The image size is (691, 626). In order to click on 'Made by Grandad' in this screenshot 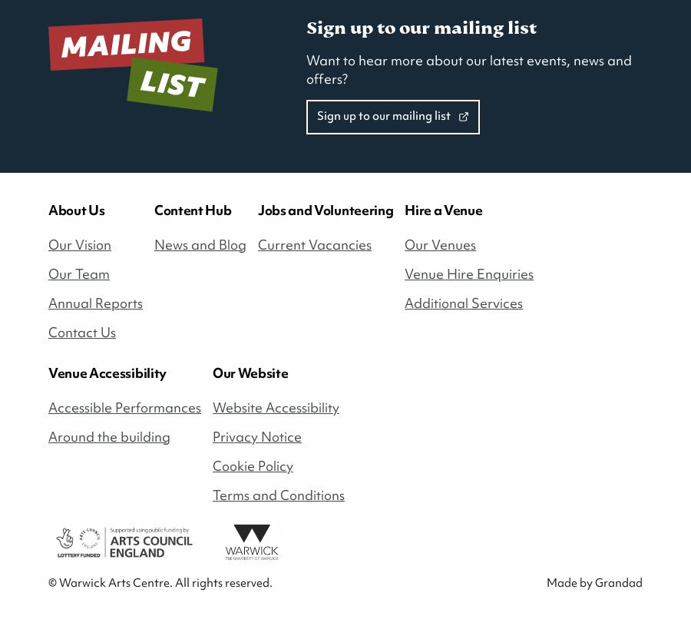, I will do `click(593, 582)`.